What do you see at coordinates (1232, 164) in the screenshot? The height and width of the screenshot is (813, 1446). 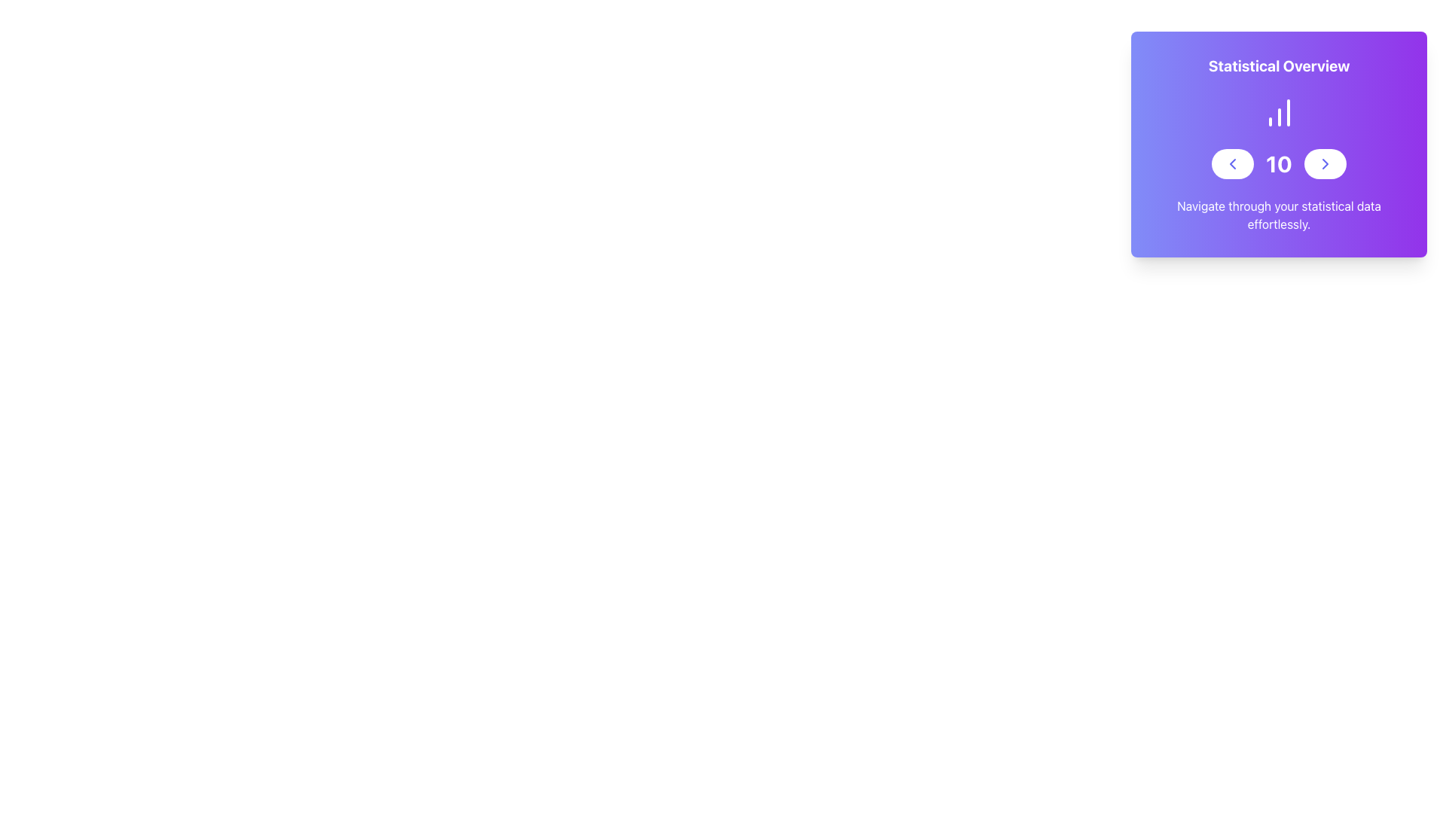 I see `the chevron-left icon embedded within the button interface on the left side of the 'Statistical Overview' card` at bounding box center [1232, 164].